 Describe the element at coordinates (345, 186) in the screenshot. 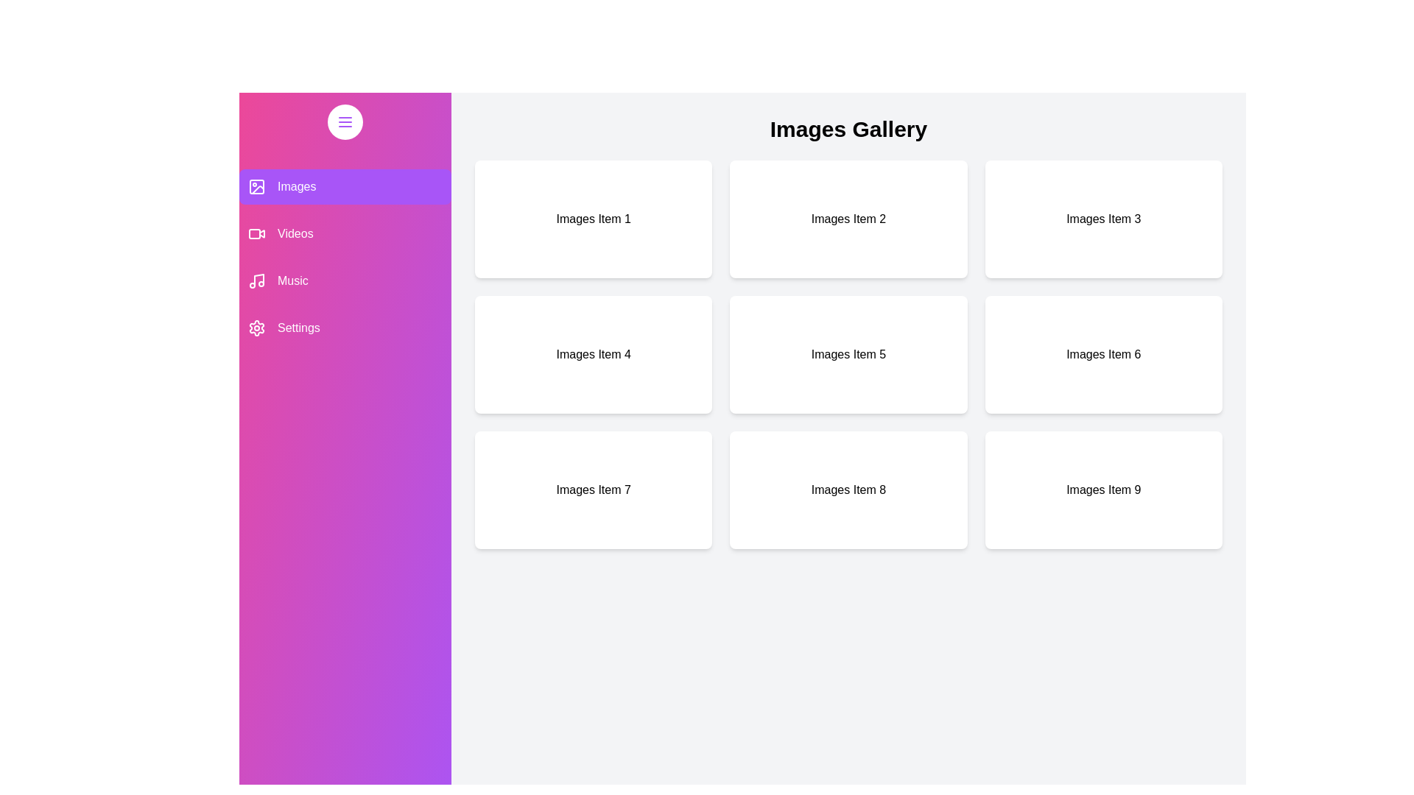

I see `the media category Images from the sidebar` at that location.